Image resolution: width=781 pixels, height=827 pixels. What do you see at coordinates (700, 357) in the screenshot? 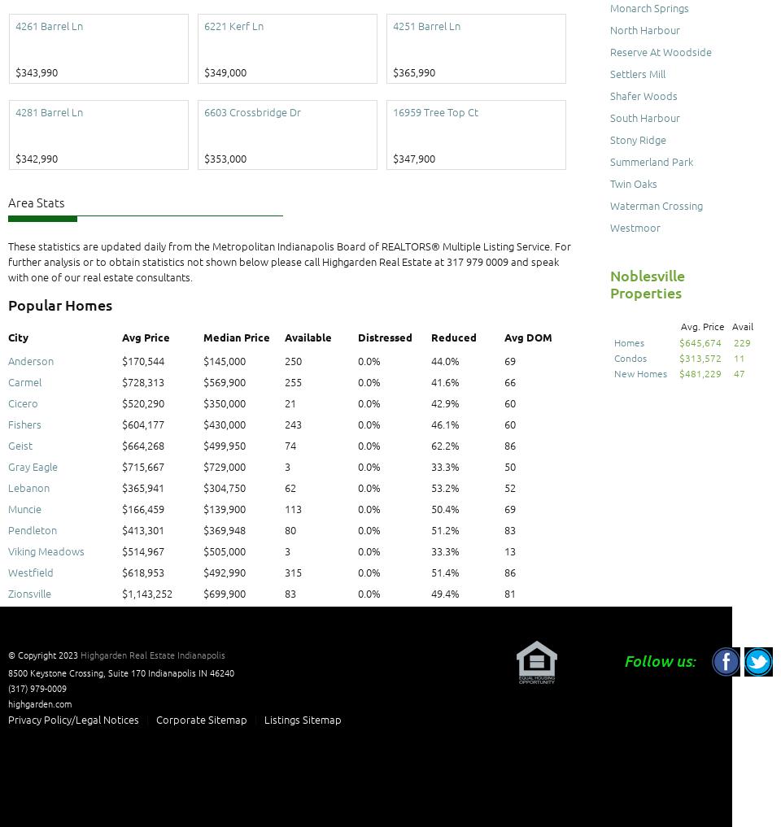
I see `'$313,572'` at bounding box center [700, 357].